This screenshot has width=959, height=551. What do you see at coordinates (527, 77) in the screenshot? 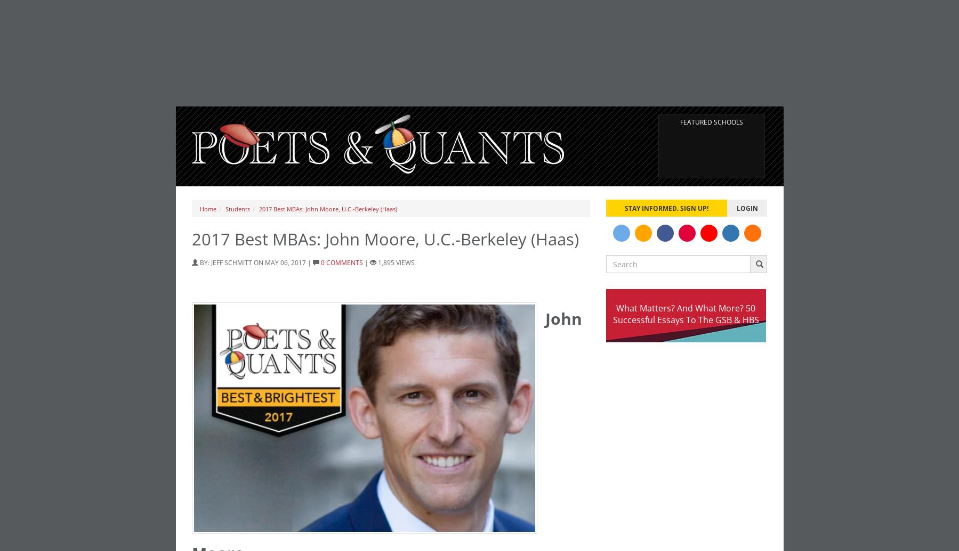
I see `'GMAT 760, GPA 4.0'` at bounding box center [527, 77].